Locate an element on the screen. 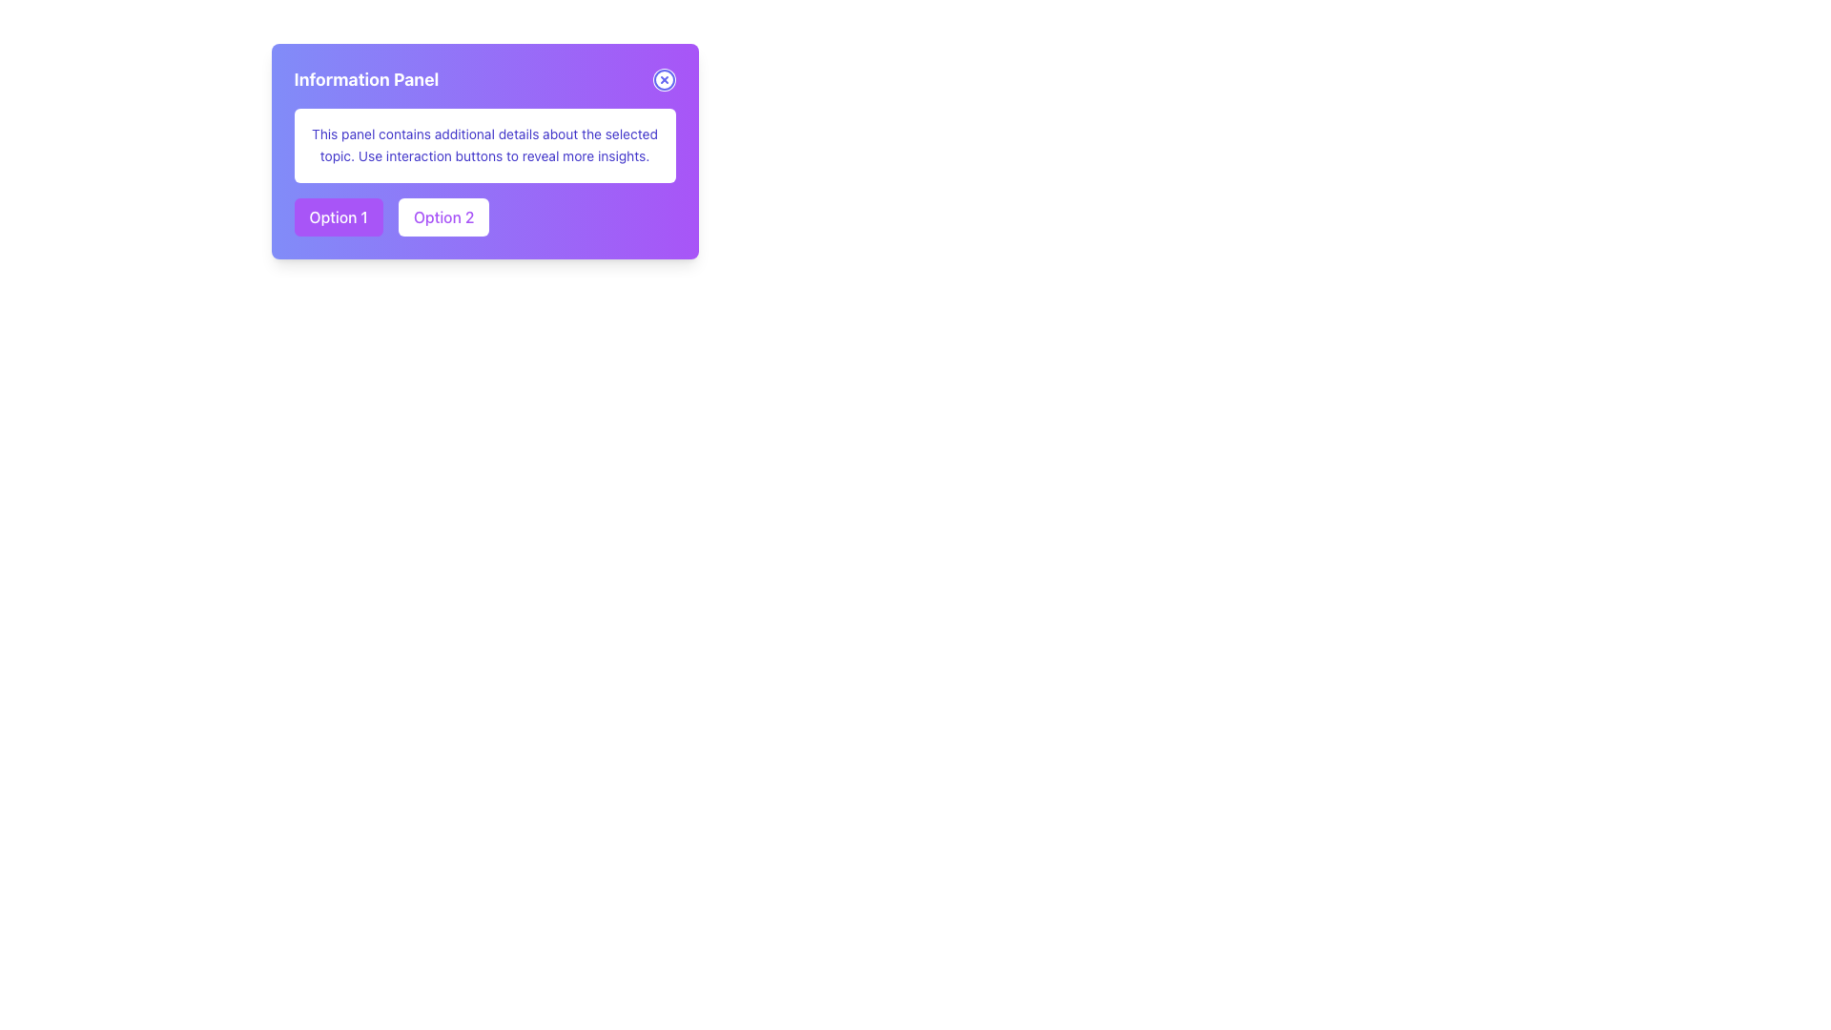 This screenshot has width=1831, height=1030. the close button located in the upper-right corner of the Information Panel is located at coordinates (664, 79).